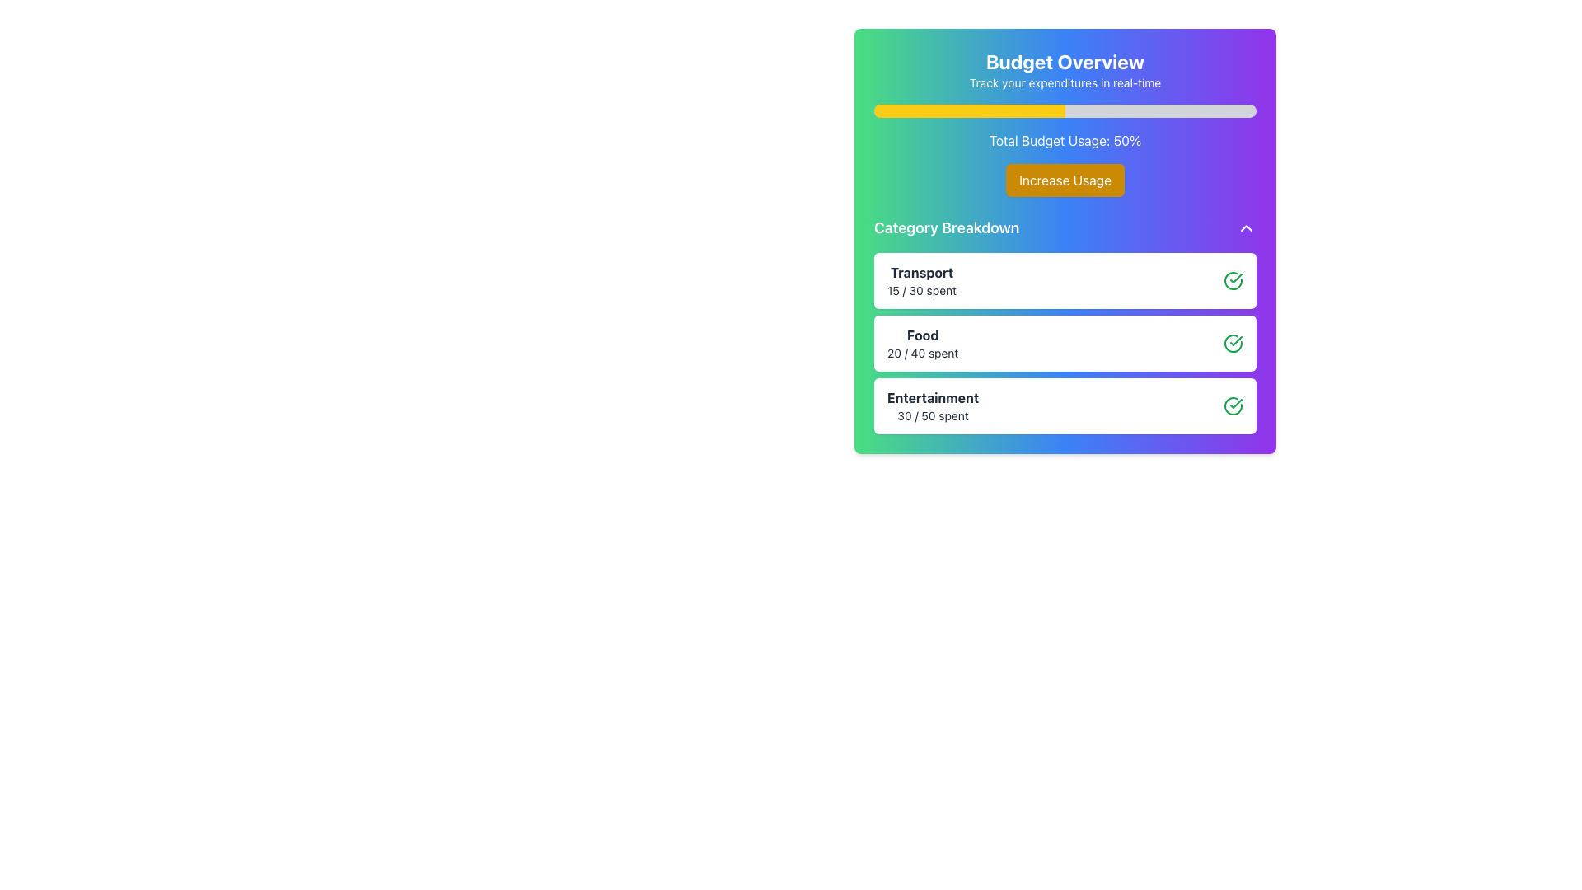 The width and height of the screenshot is (1582, 890). I want to click on the bold heading label 'Food' in the 'Category Breakdown' section, which is visually distinct and located between 'Transport' and 'Entertainment', so click(923, 335).